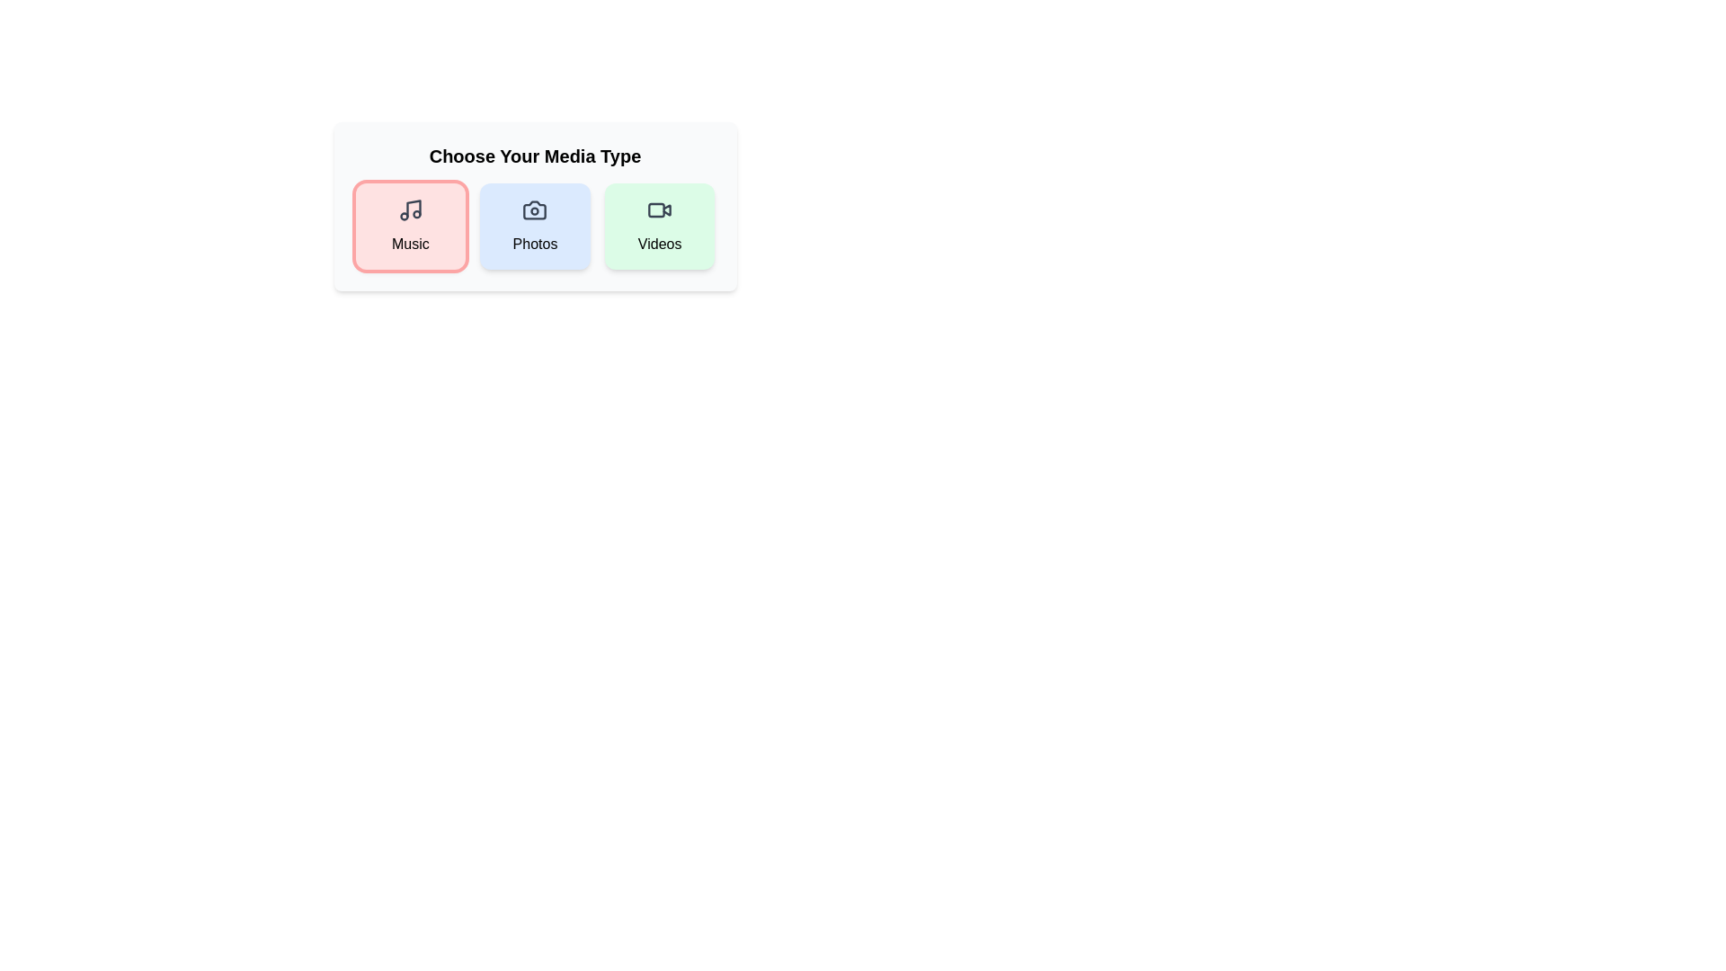 The width and height of the screenshot is (1726, 971). What do you see at coordinates (534, 209) in the screenshot?
I see `the photo selection icon located in the center column of the media type selection interface, just above the 'Photos' text` at bounding box center [534, 209].